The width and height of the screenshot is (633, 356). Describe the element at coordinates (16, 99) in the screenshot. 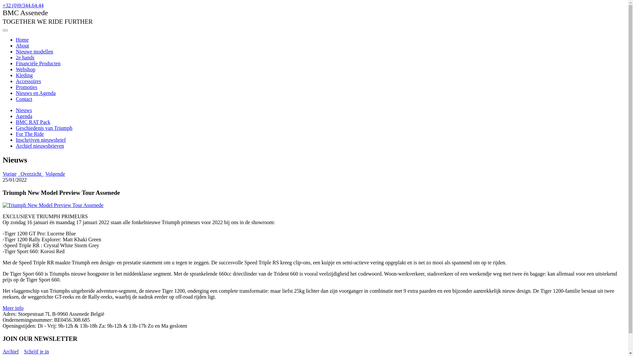

I see `'Contact'` at that location.